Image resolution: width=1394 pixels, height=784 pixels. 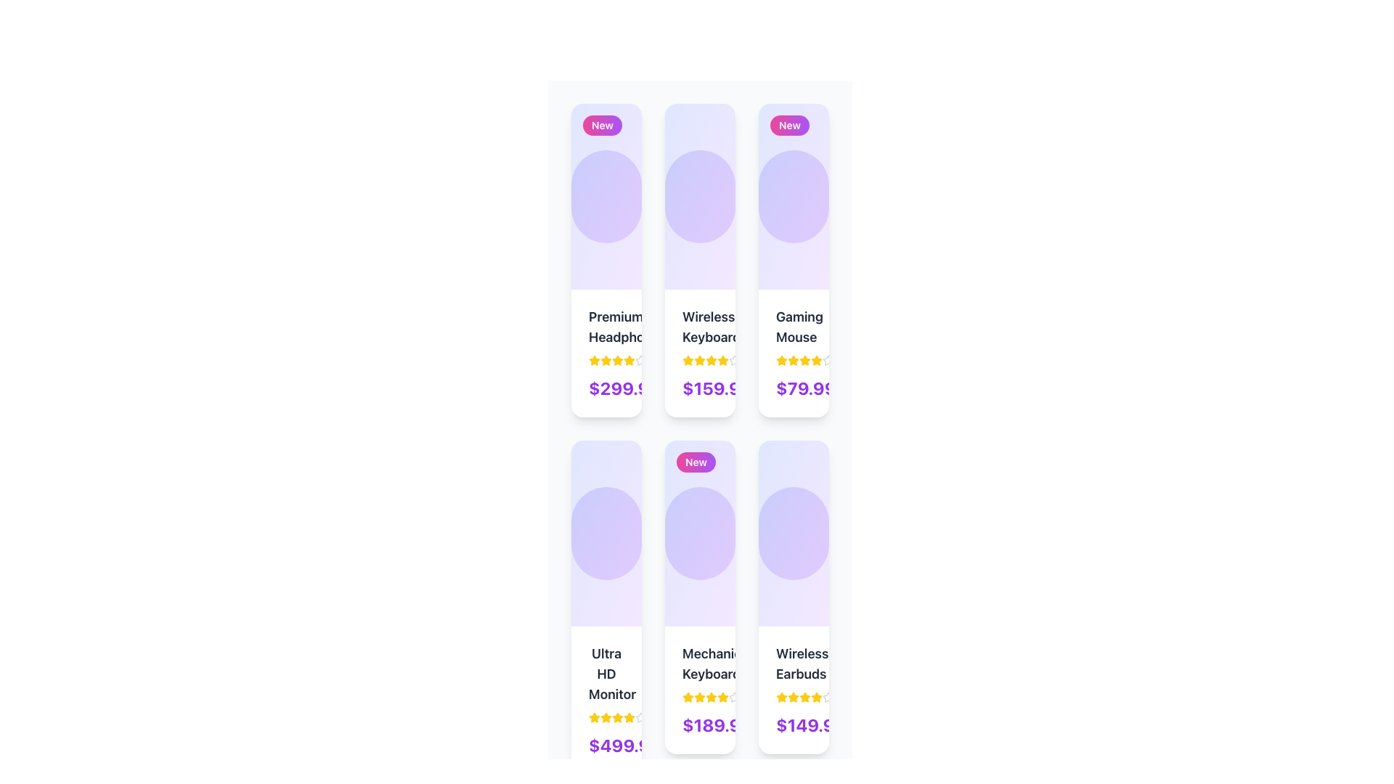 What do you see at coordinates (700, 696) in the screenshot?
I see `the third star icon representing the rating for the 'Mechanical Keyboard' product card, which is the second card in the second row of the layout grid` at bounding box center [700, 696].